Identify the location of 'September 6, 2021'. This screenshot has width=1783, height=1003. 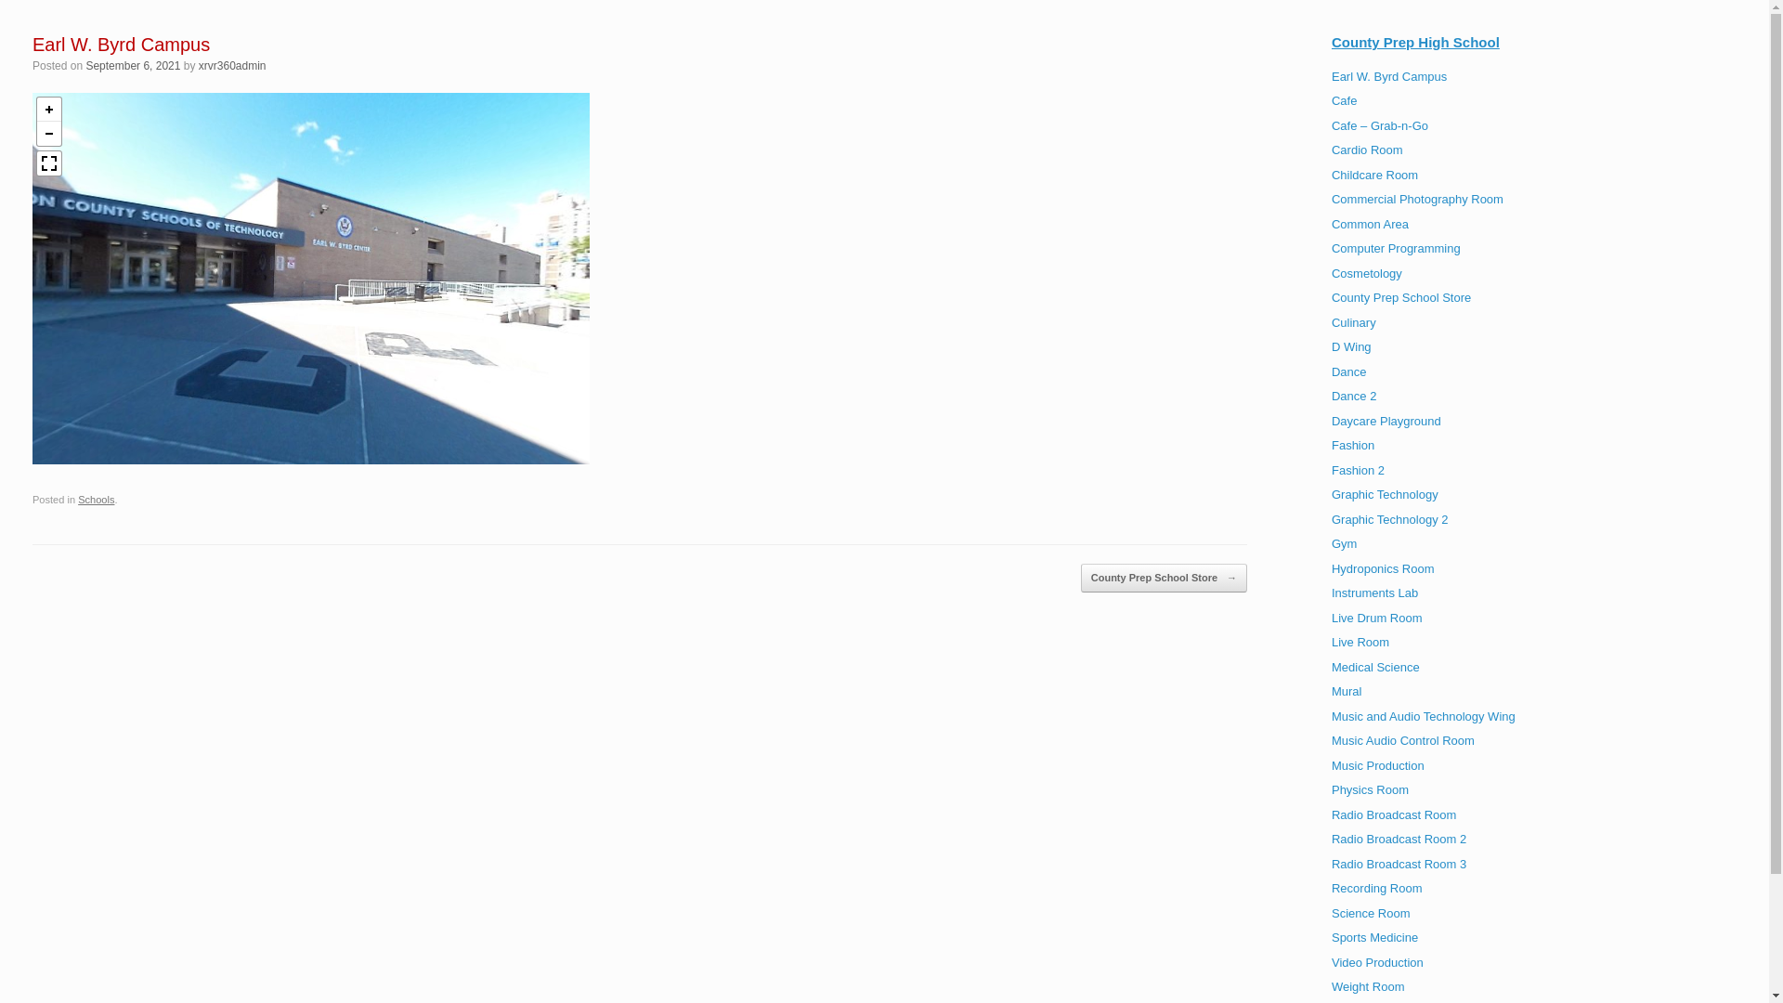
(132, 64).